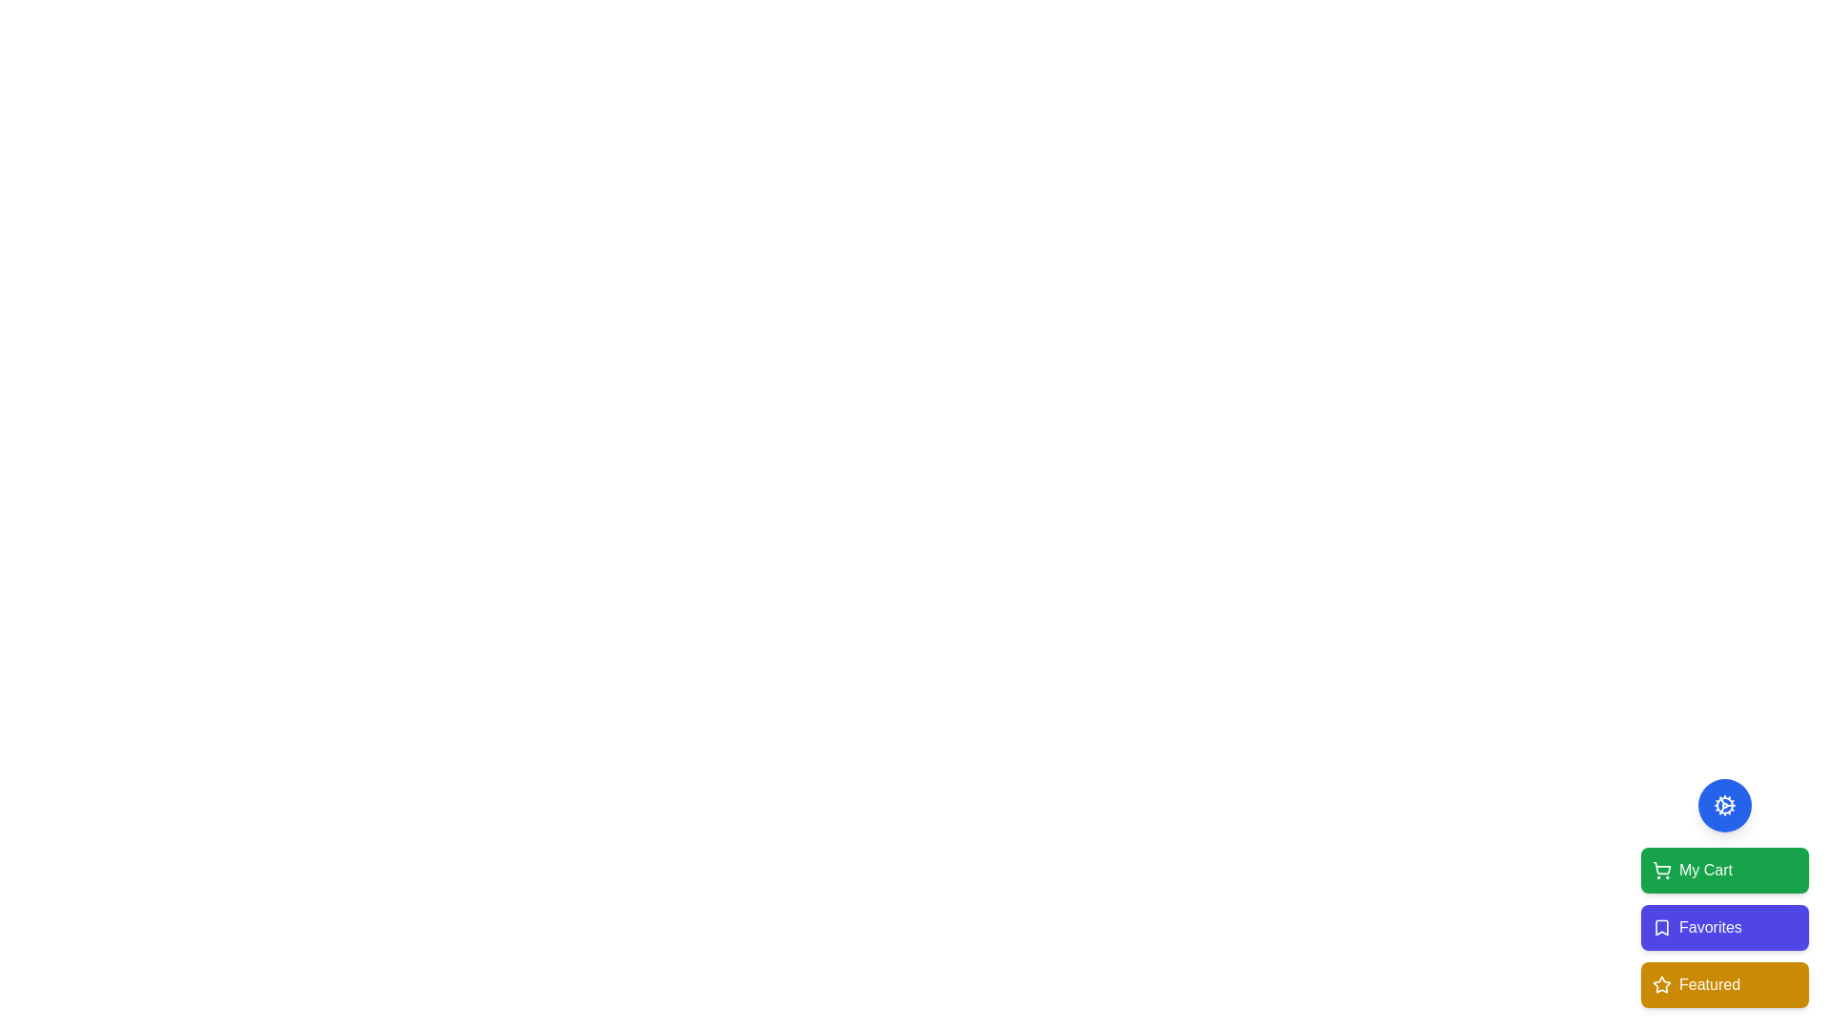 This screenshot has width=1832, height=1031. I want to click on the indigo blue button labeled 'Favorites' with a white bookmark icon, so click(1725, 927).